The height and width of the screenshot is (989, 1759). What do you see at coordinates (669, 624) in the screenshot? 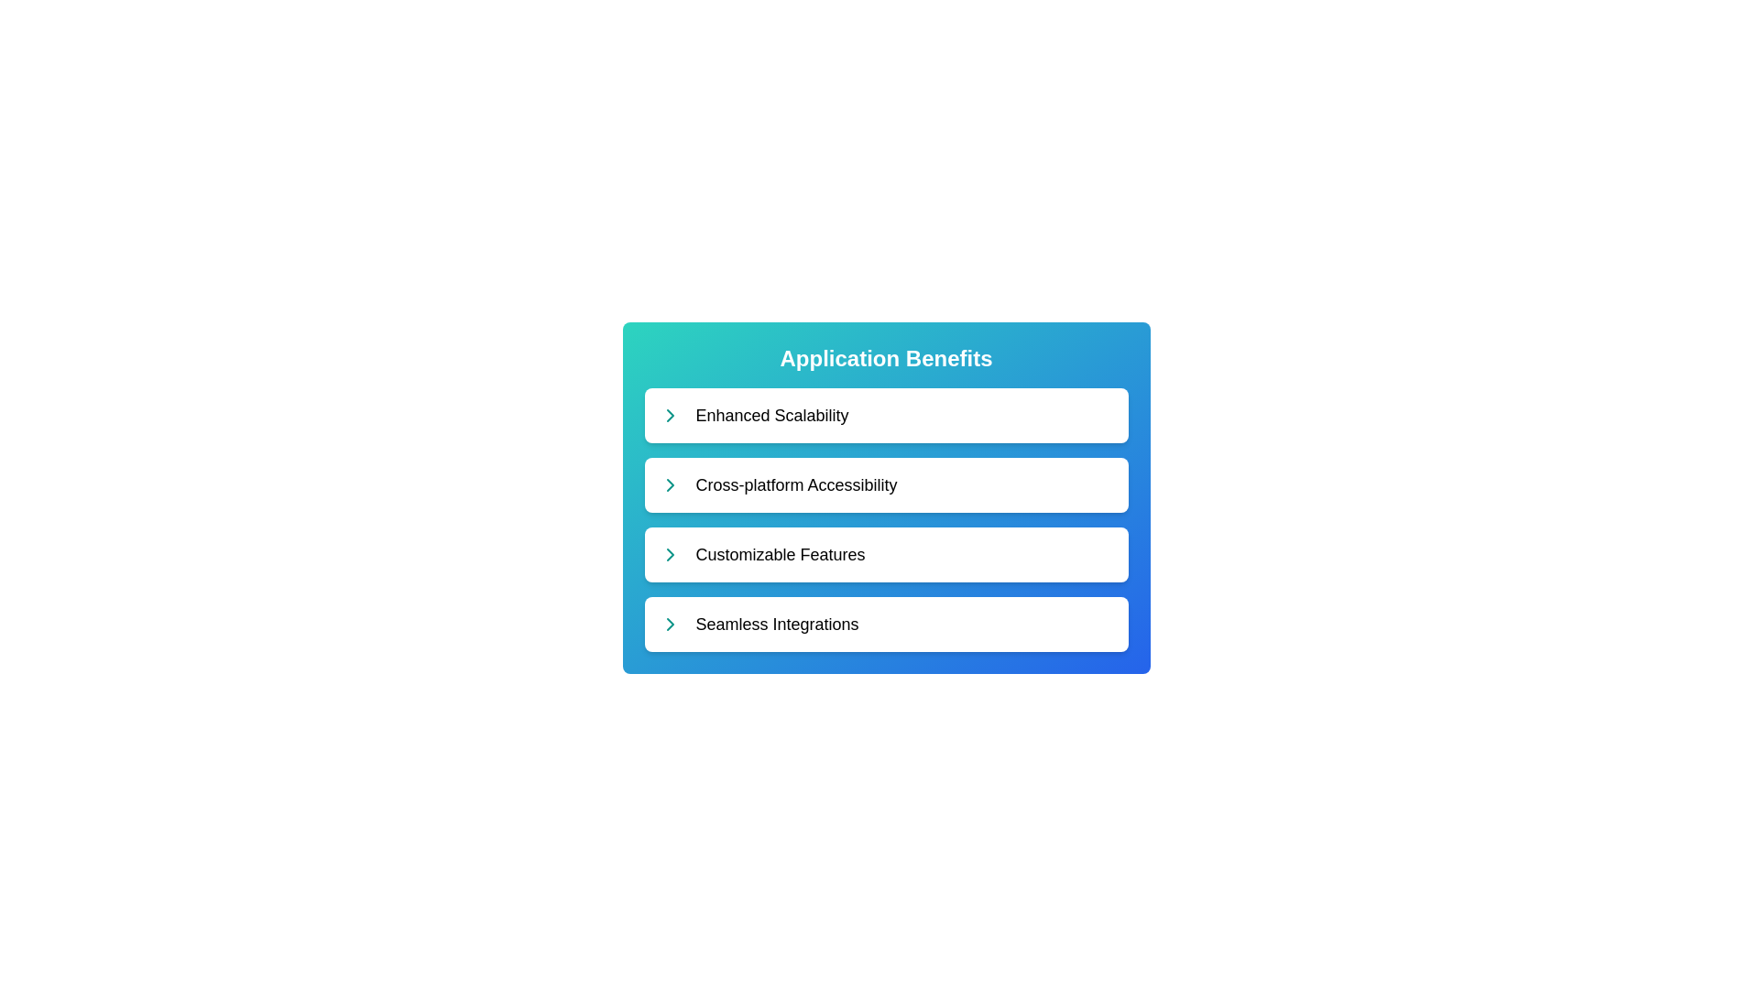
I see `the right-pointing teal chevron icon inside the 'Seamless Integrations' box` at bounding box center [669, 624].